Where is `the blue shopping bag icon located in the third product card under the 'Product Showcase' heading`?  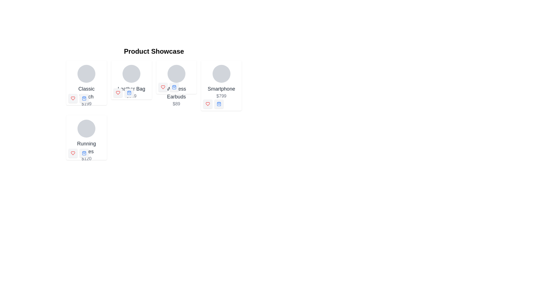 the blue shopping bag icon located in the third product card under the 'Product Showcase' heading is located at coordinates (174, 87).